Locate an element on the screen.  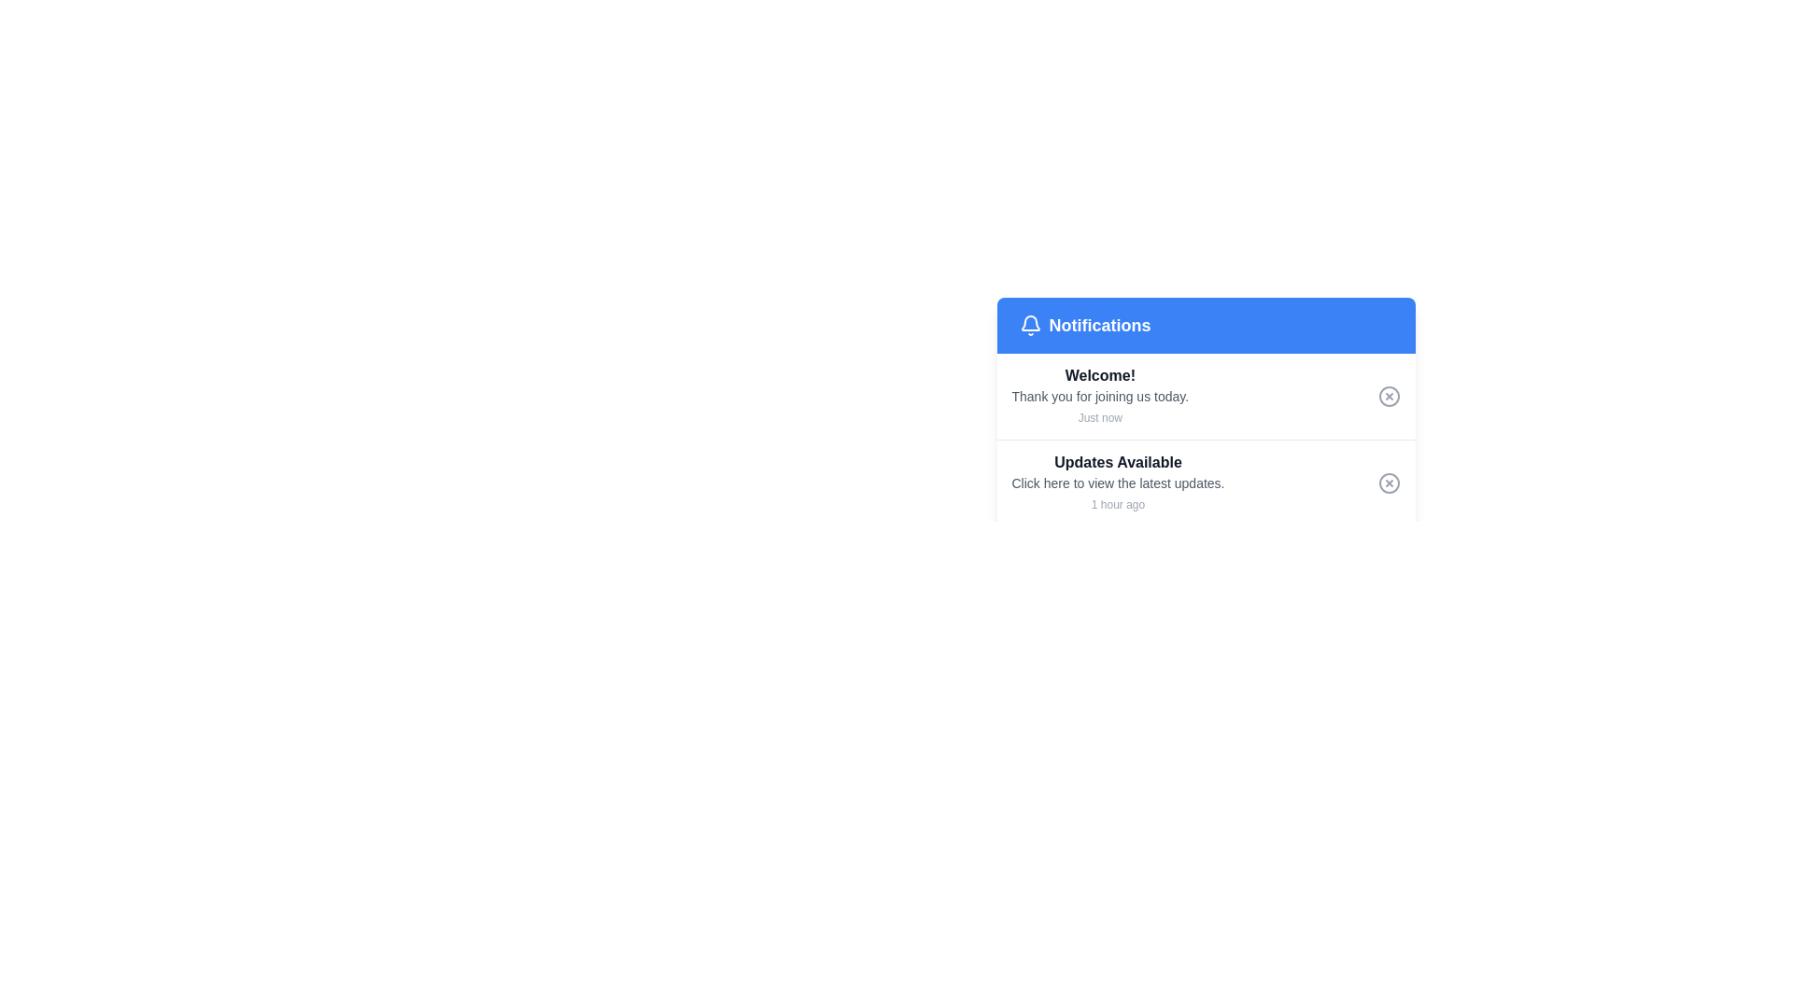
the content of the header area containing a blue background bar with a white bell icon and the text 'Notifications' in bold white font, located at the top of the notification card is located at coordinates (1206, 324).